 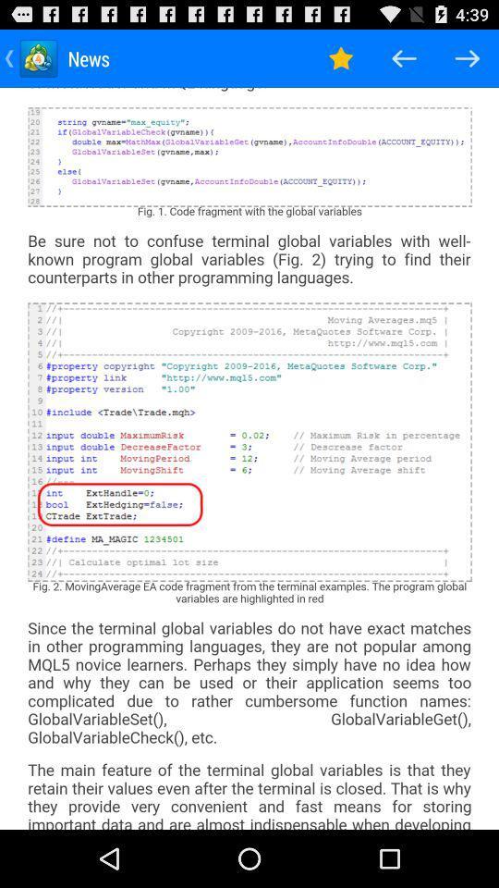 I want to click on description, so click(x=249, y=457).